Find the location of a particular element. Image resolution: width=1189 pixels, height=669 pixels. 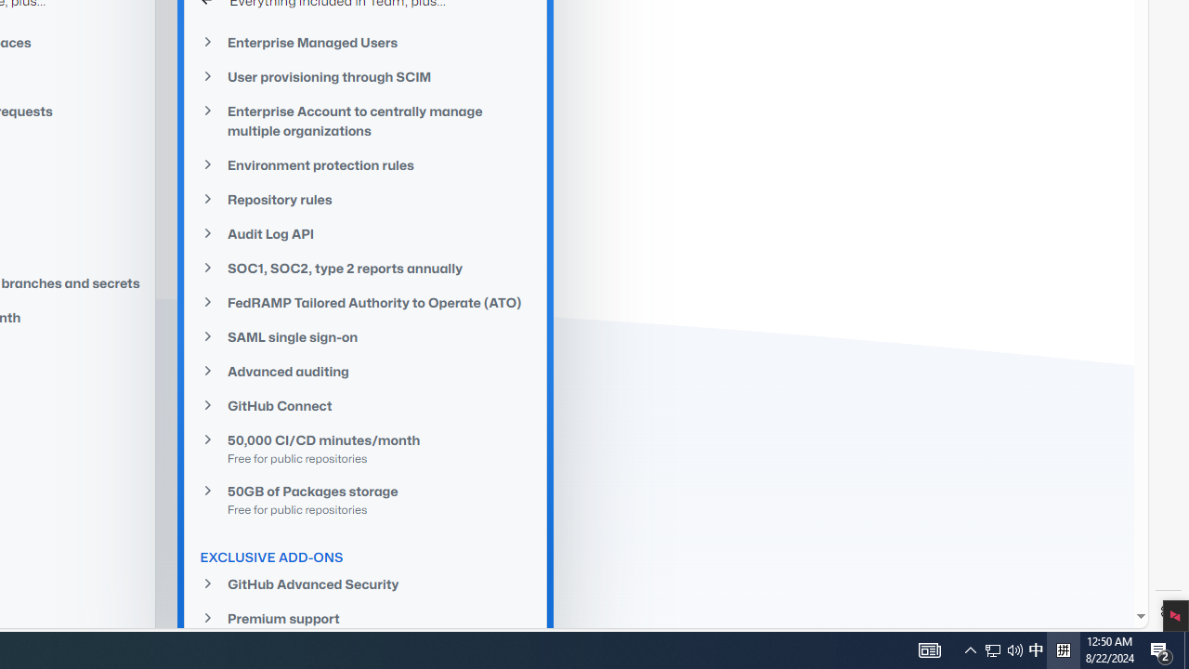

'GitHub Connect' is located at coordinates (366, 404).